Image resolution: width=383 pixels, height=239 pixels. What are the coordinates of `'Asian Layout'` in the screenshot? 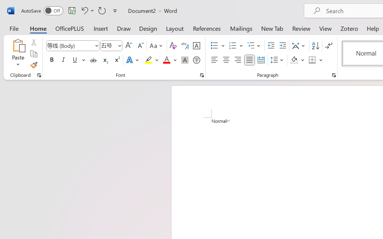 It's located at (299, 46).